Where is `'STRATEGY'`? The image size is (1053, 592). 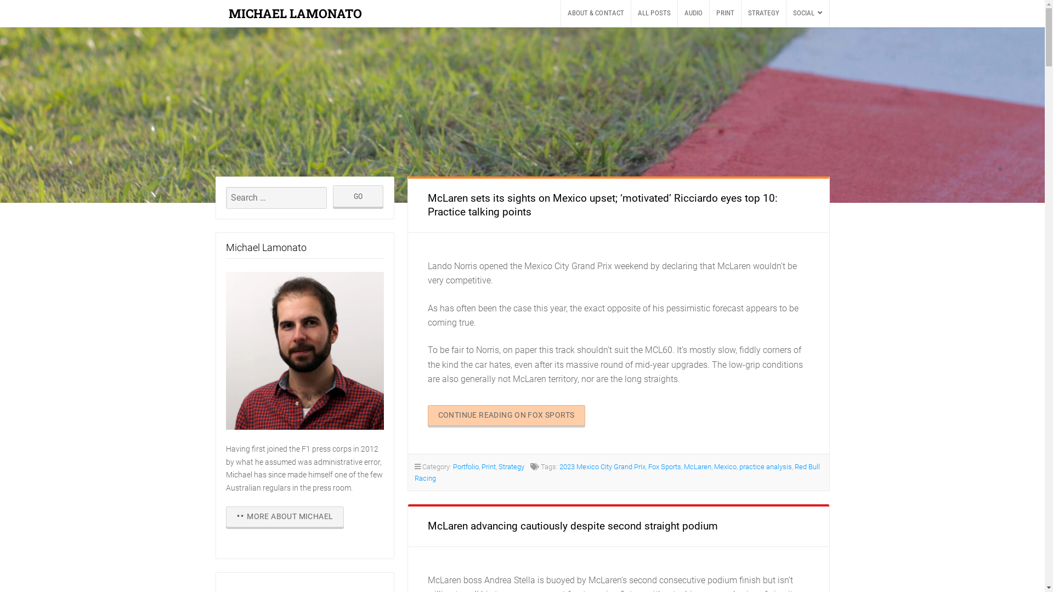
'STRATEGY' is located at coordinates (763, 13).